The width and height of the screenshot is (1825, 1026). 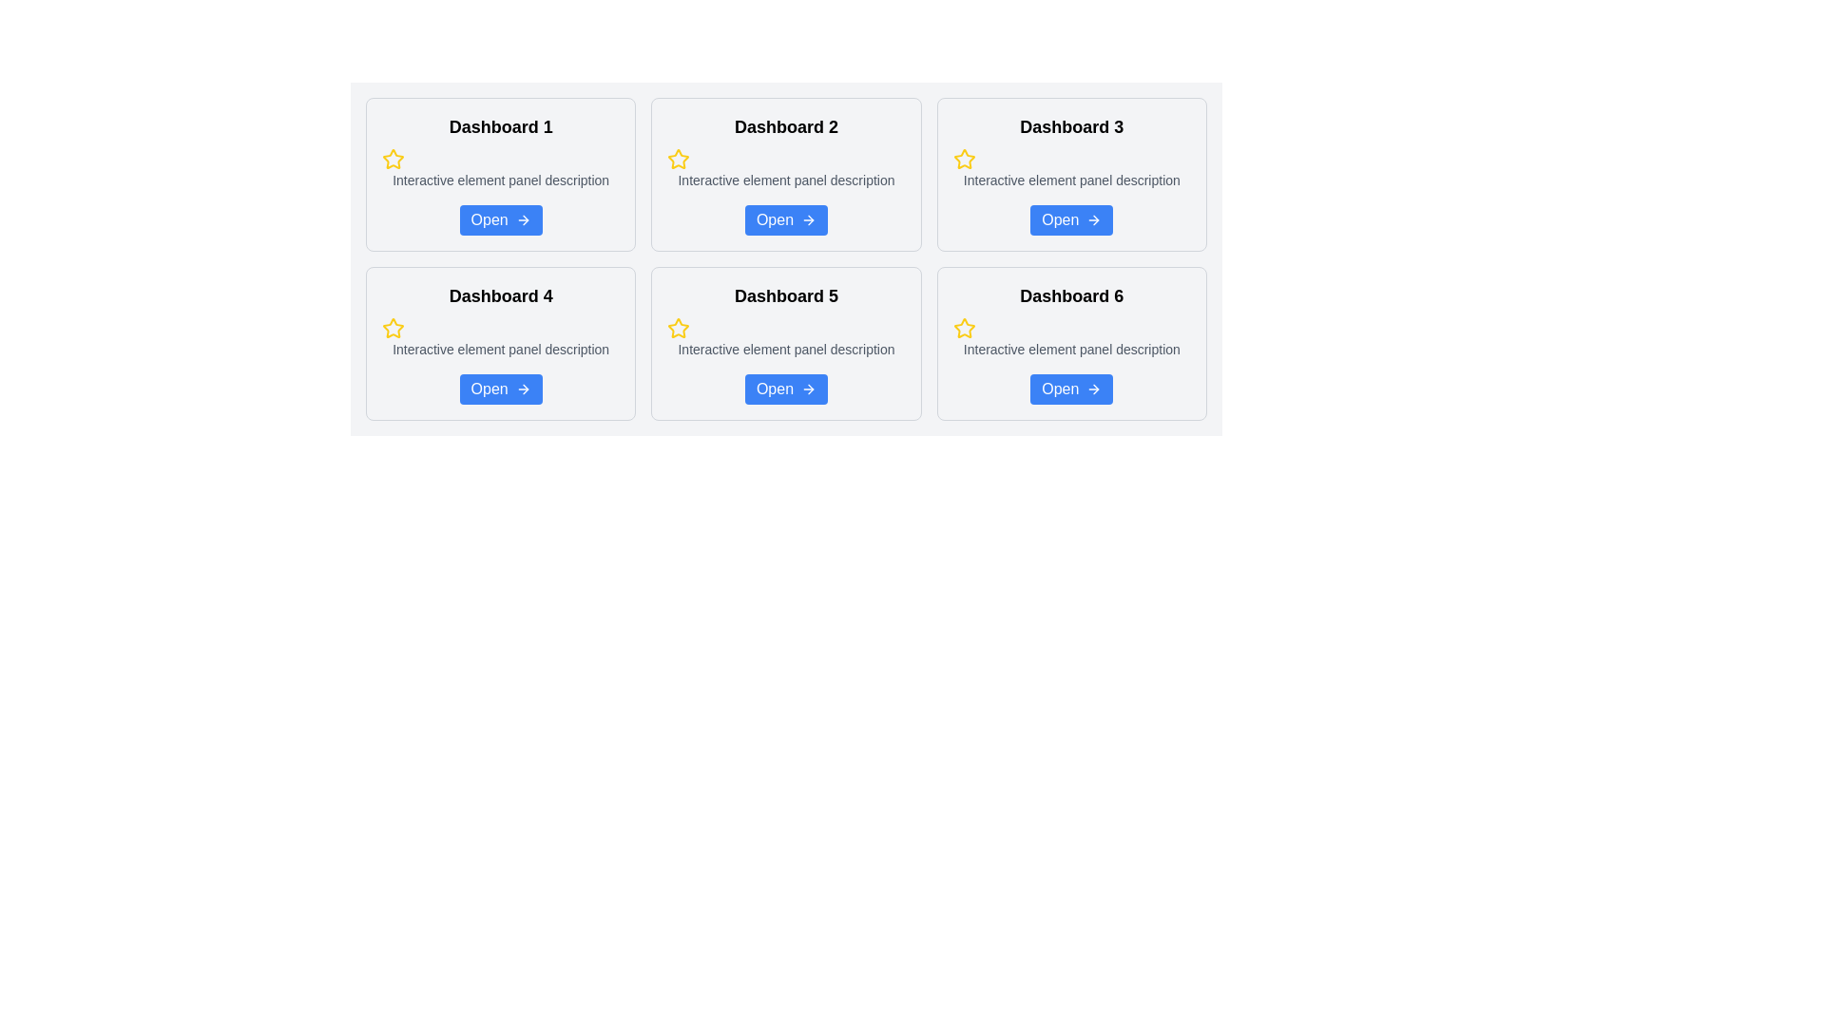 I want to click on the state change of the 'Open' button within the 'Dashboard 1' card by hovering over the arrow icon, so click(x=523, y=218).